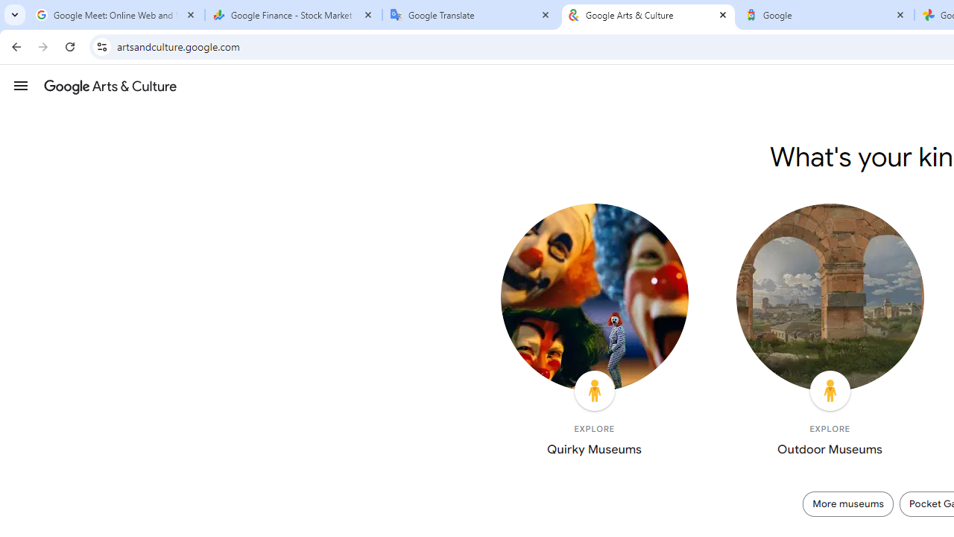 This screenshot has height=537, width=954. Describe the element at coordinates (825, 15) in the screenshot. I see `'Google'` at that location.